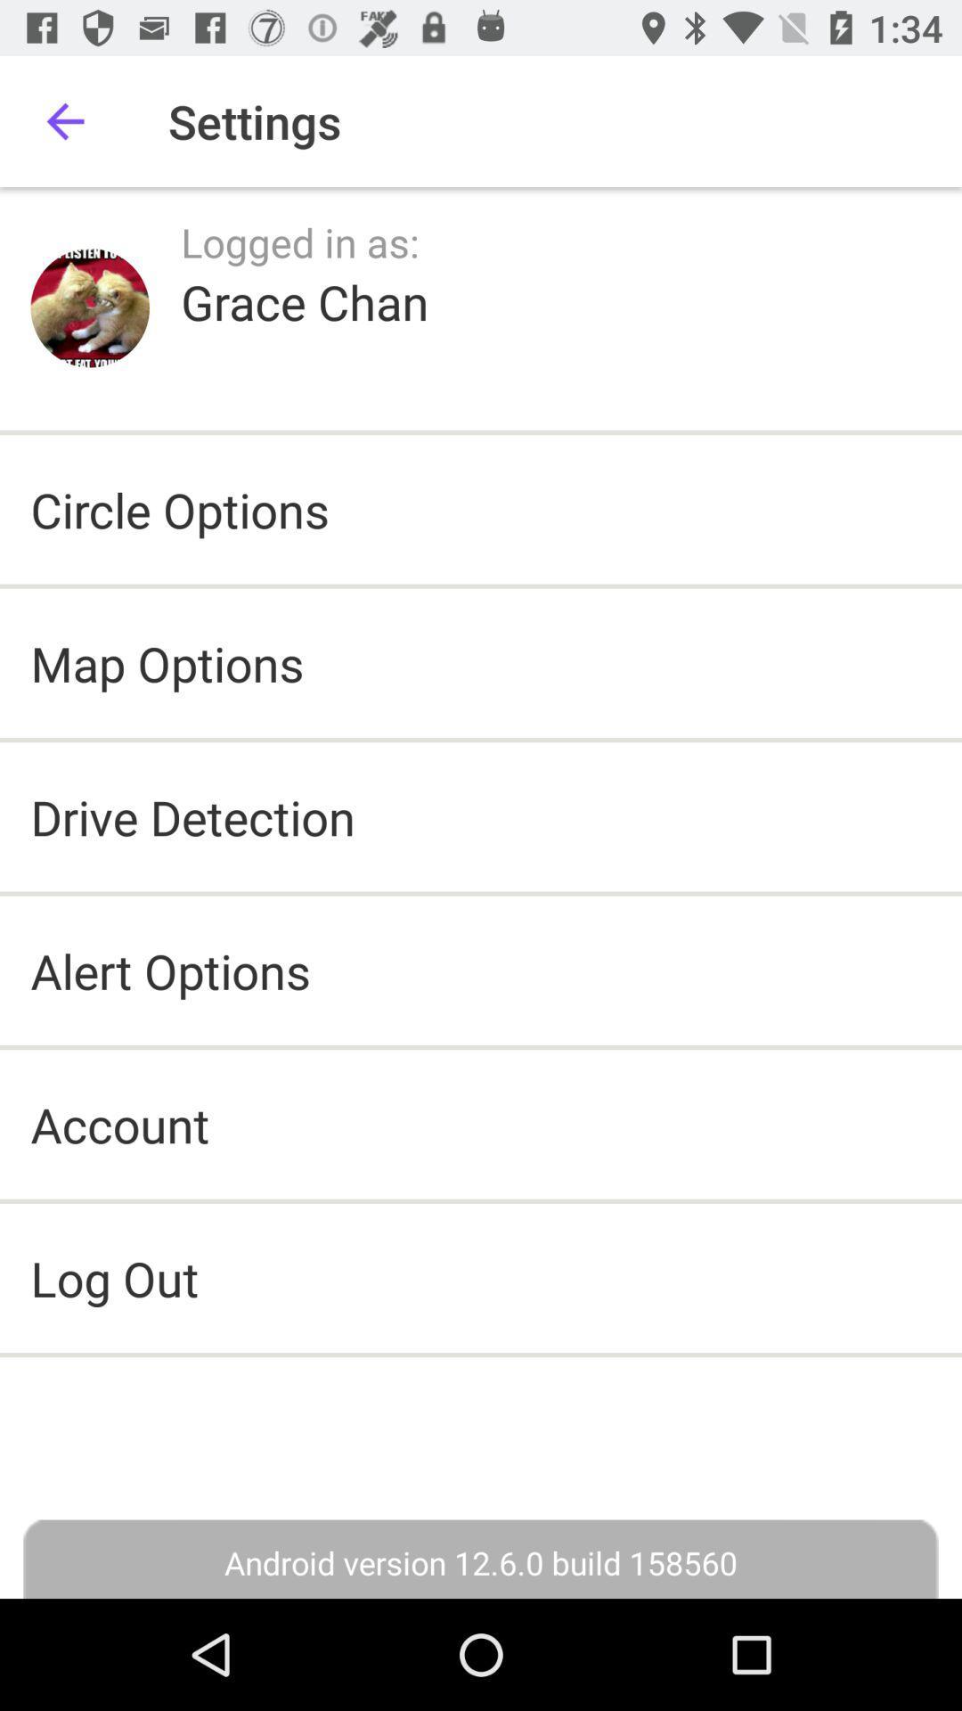 The image size is (962, 1711). What do you see at coordinates (304, 301) in the screenshot?
I see `icon above the circle options icon` at bounding box center [304, 301].